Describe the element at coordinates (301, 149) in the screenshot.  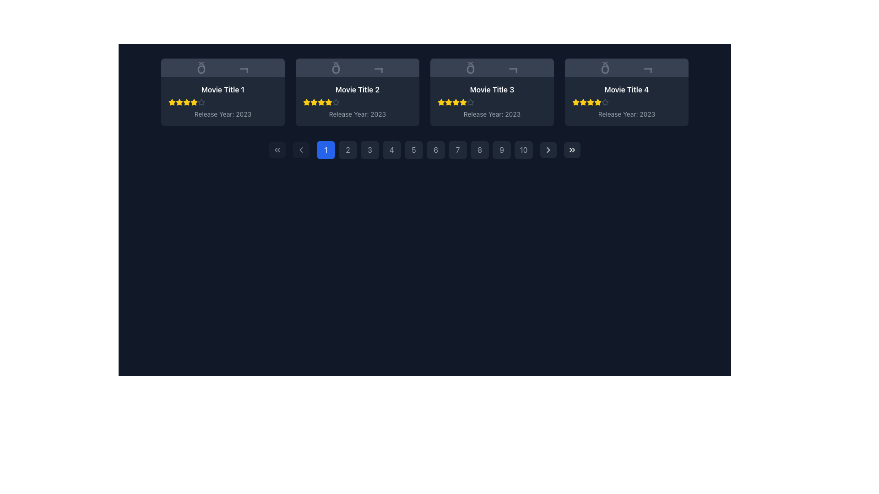
I see `the 'previous page' arrow icon located in the pagination area, immediately to the left of the number '1' button` at that location.